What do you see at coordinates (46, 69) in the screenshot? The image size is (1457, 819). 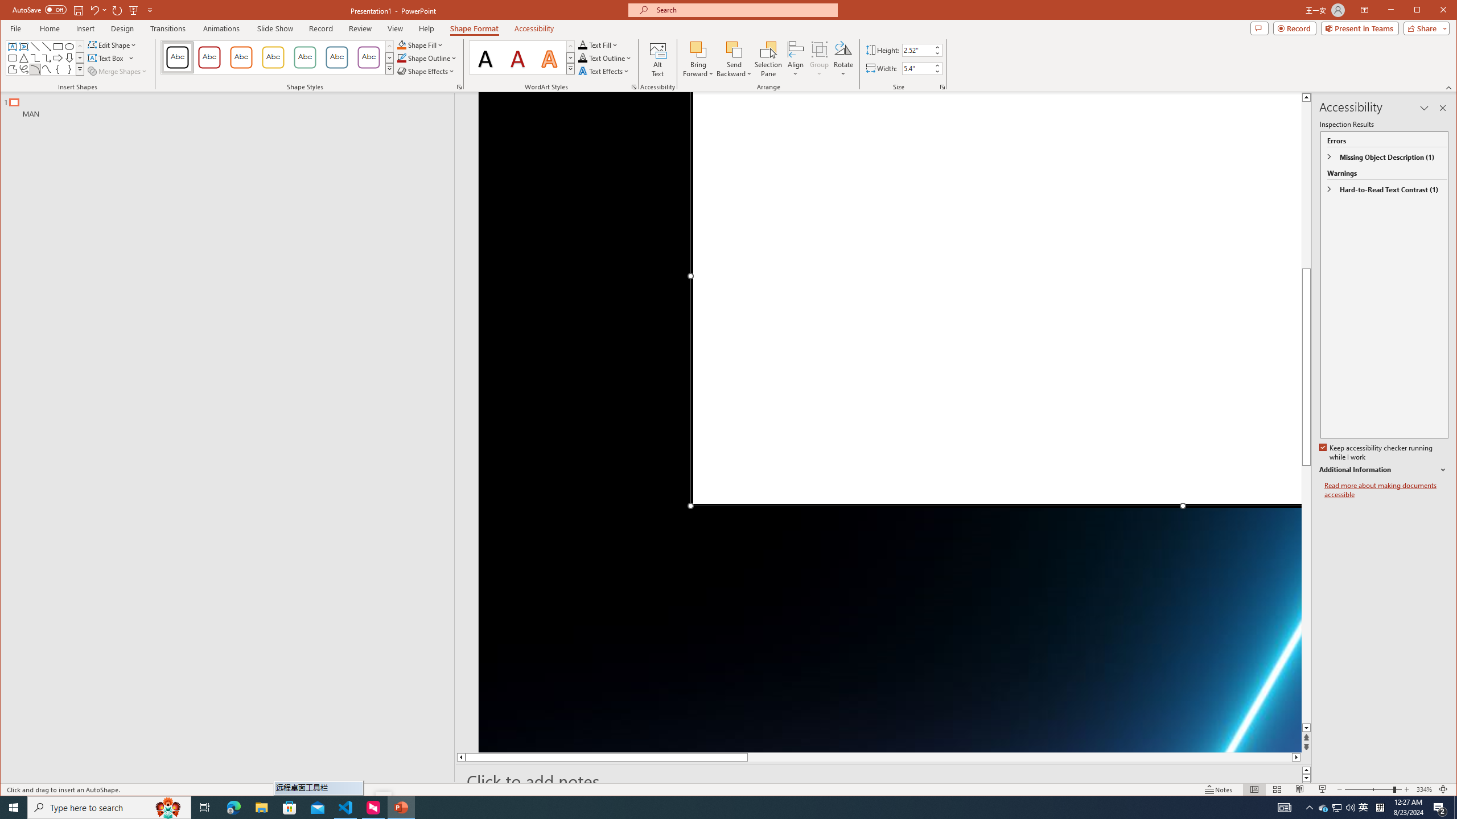 I see `'Curve'` at bounding box center [46, 69].